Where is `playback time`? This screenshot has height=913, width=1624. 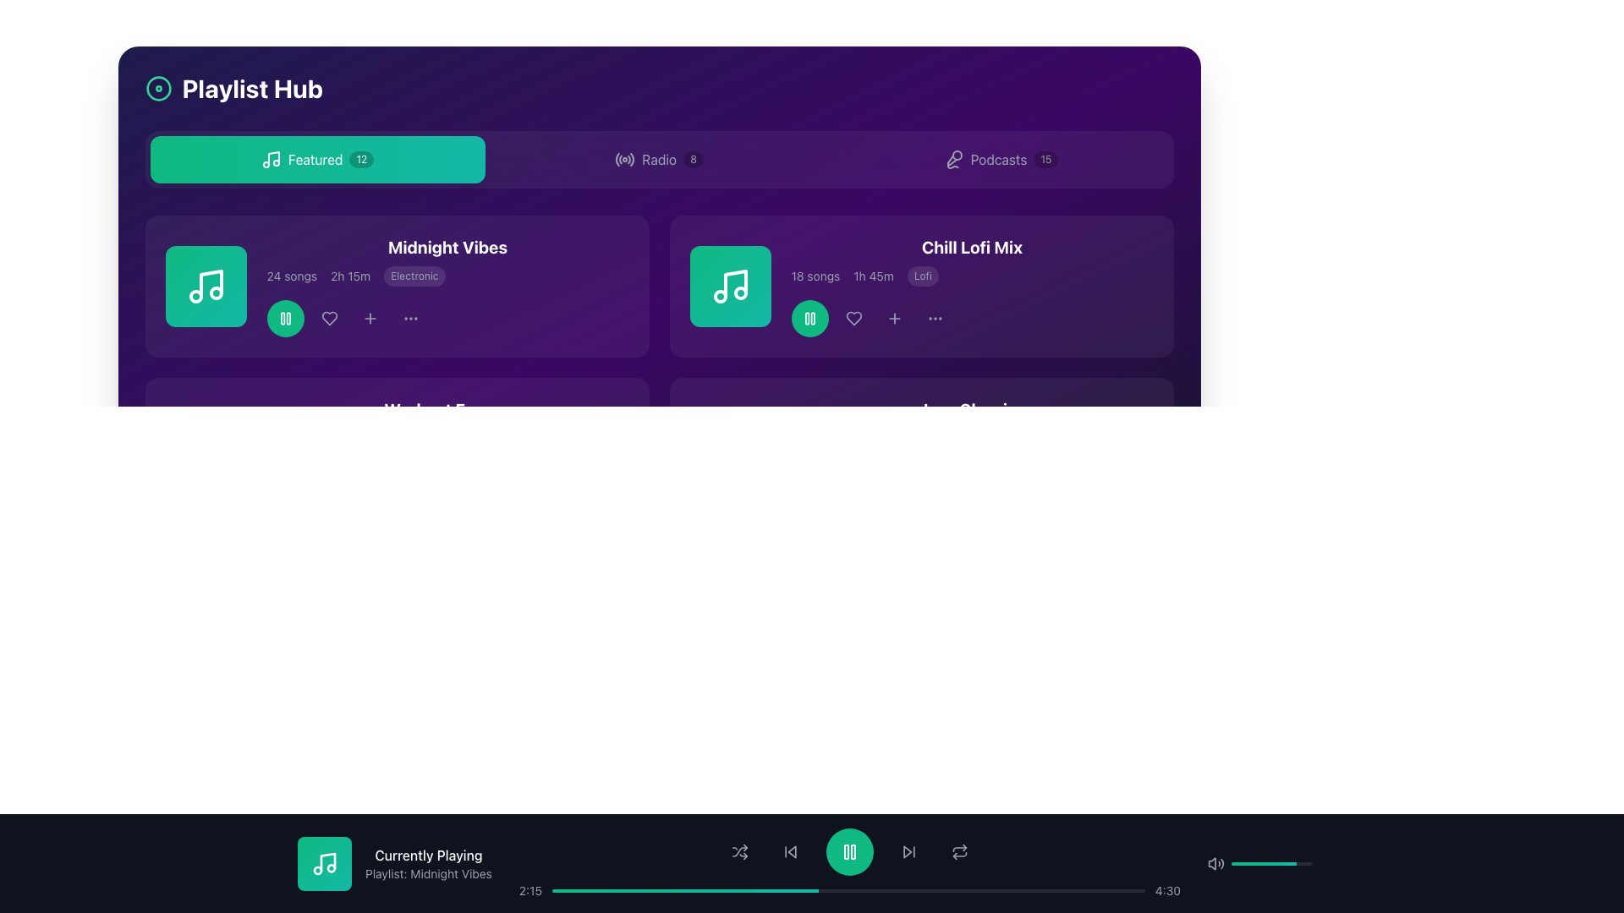 playback time is located at coordinates (609, 889).